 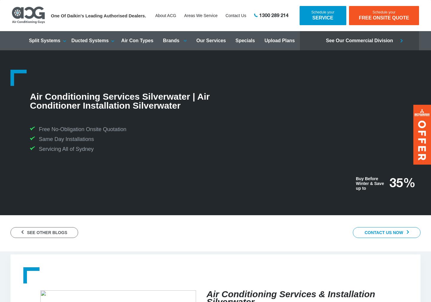 I want to click on 'Our Services', so click(x=211, y=40).